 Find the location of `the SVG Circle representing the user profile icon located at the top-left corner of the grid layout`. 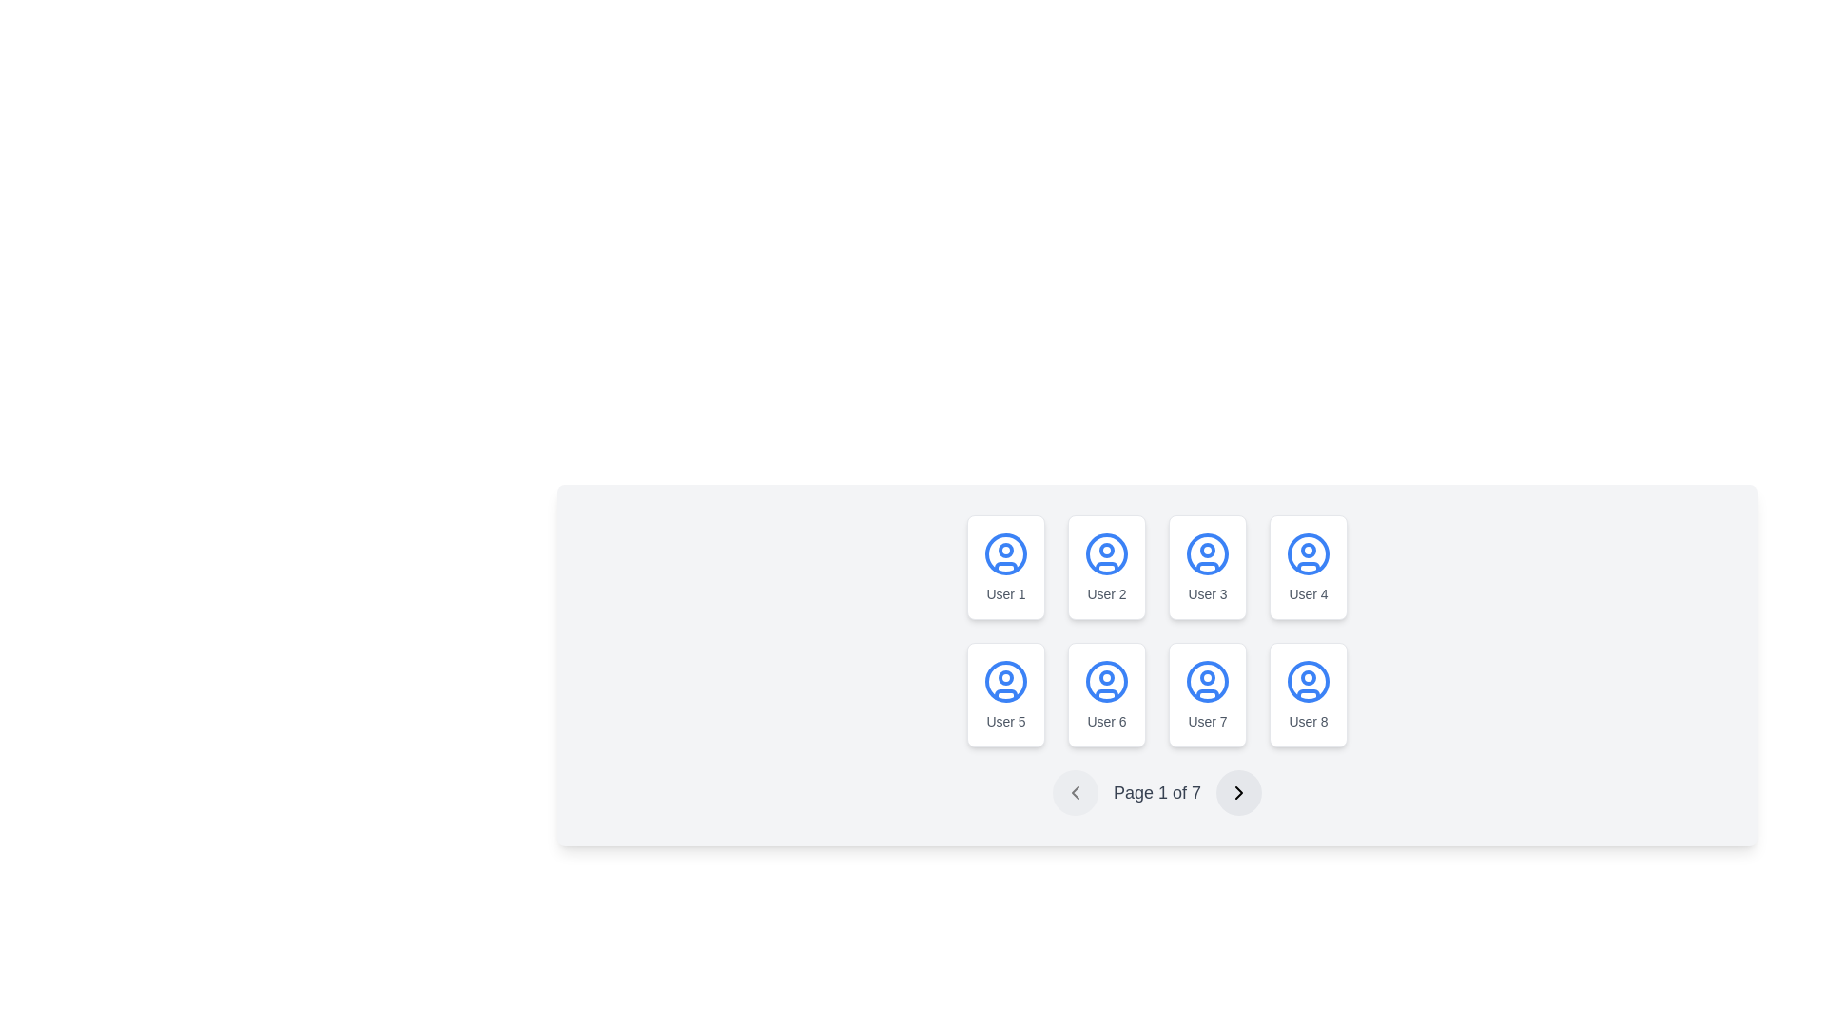

the SVG Circle representing the user profile icon located at the top-left corner of the grid layout is located at coordinates (1004, 553).